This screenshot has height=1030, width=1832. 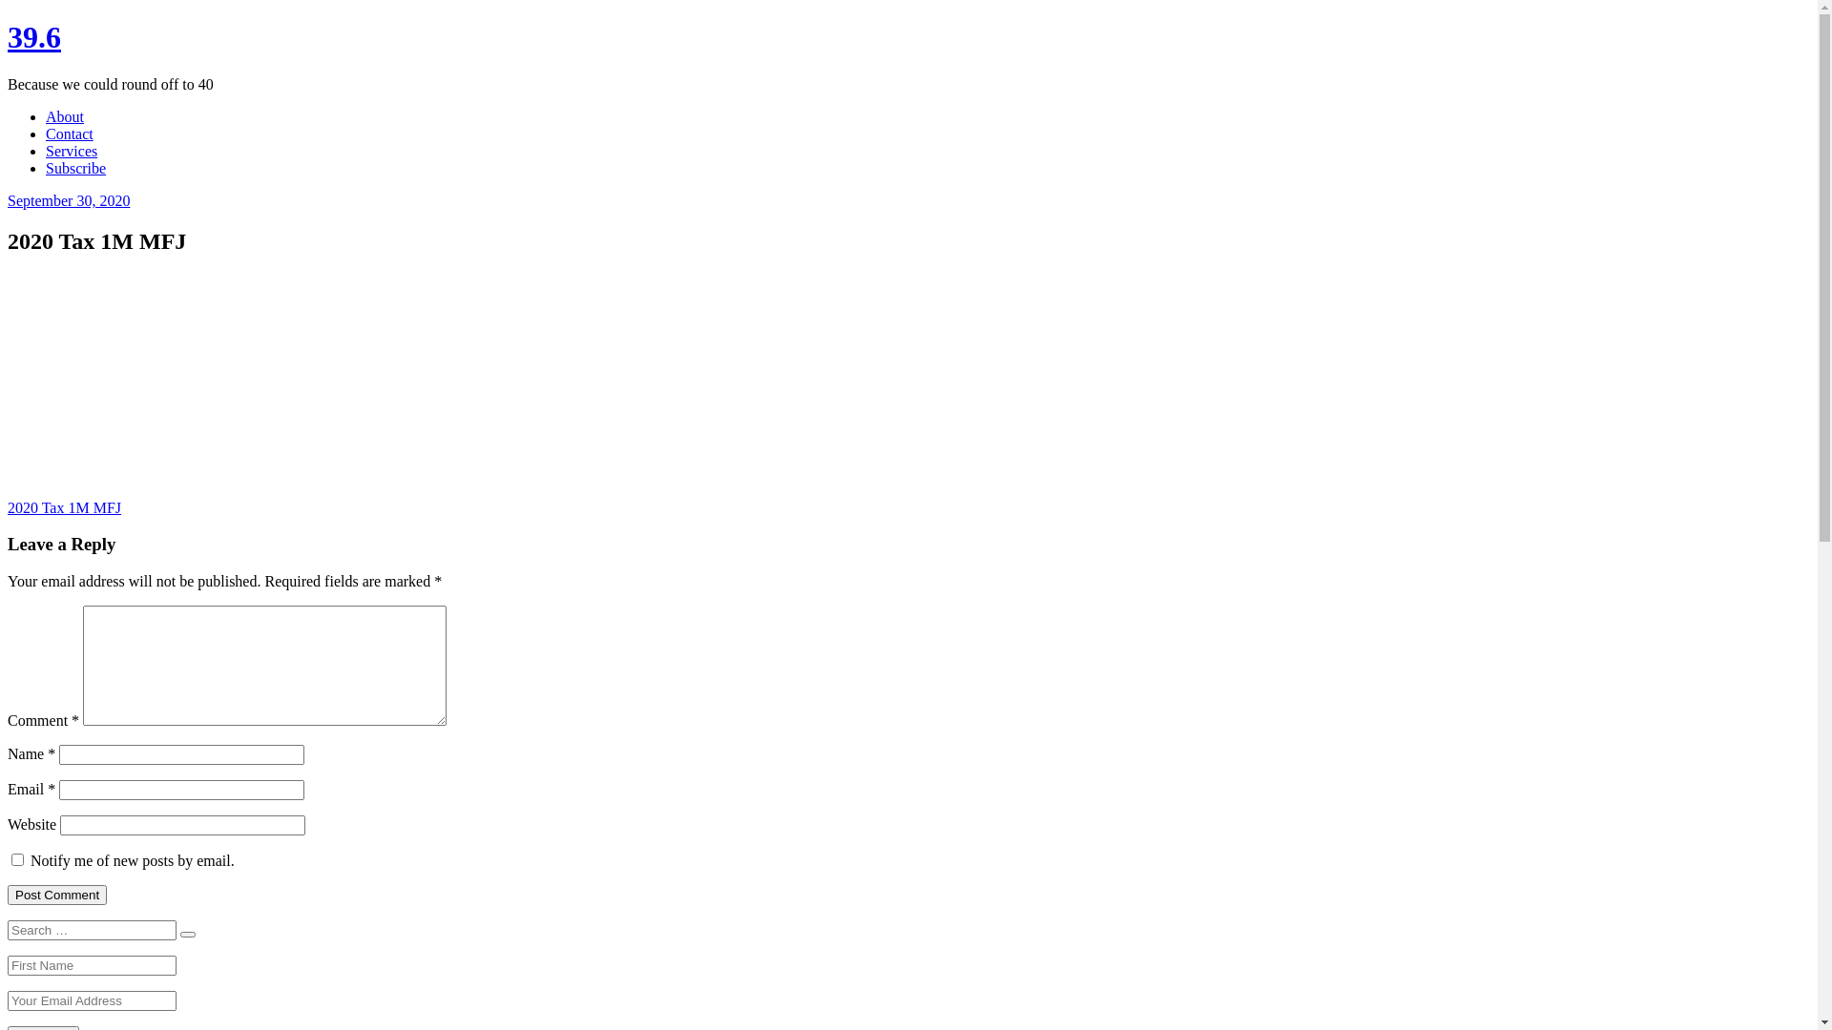 What do you see at coordinates (72, 150) in the screenshot?
I see `'Services'` at bounding box center [72, 150].